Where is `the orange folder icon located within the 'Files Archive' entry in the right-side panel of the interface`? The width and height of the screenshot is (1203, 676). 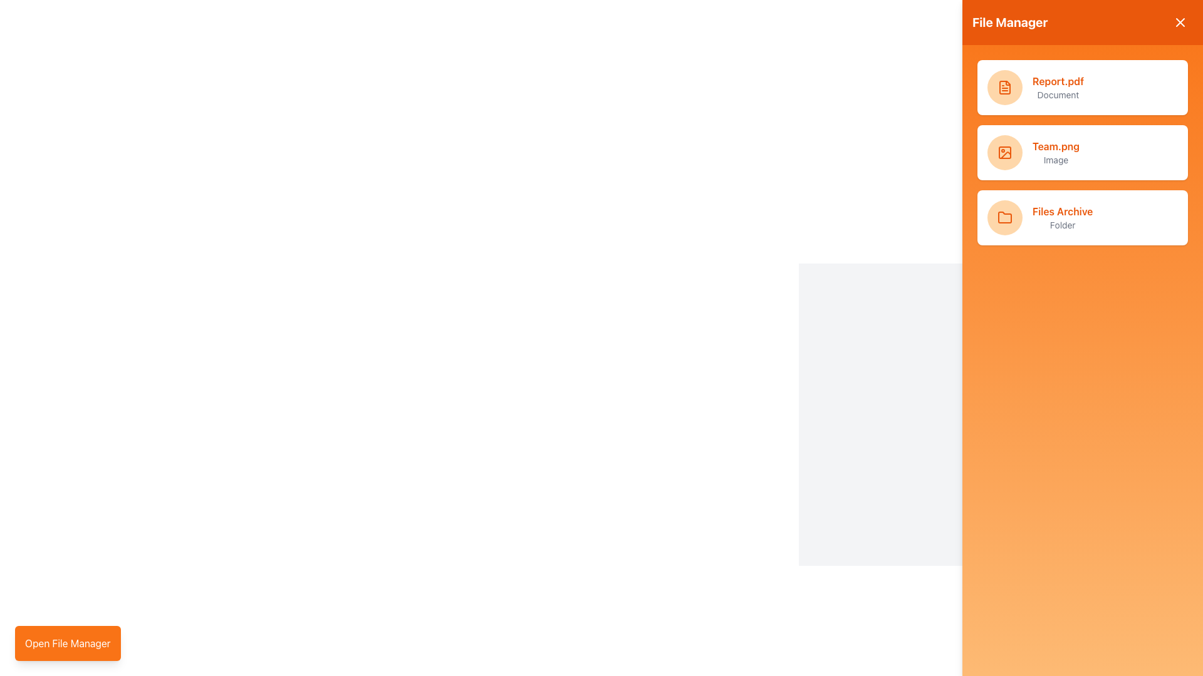
the orange folder icon located within the 'Files Archive' entry in the right-side panel of the interface is located at coordinates (1004, 217).